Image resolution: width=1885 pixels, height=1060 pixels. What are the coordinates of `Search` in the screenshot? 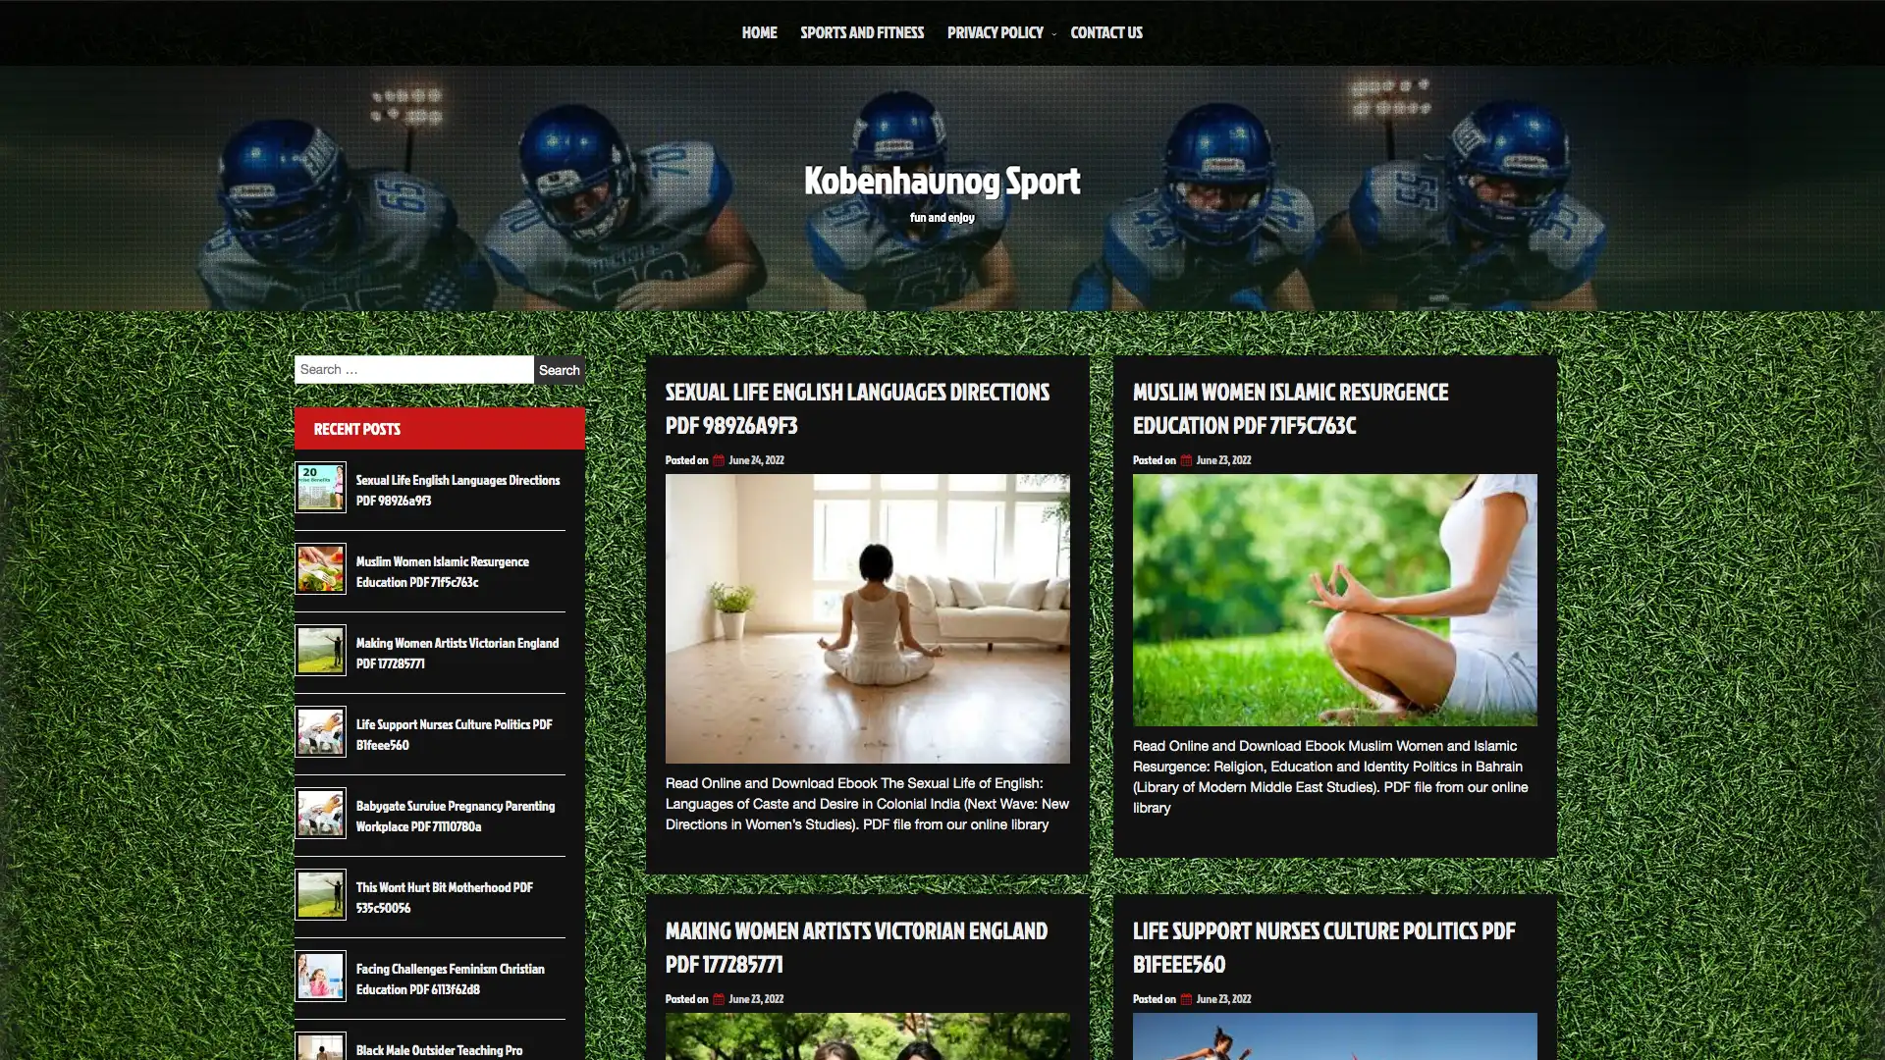 It's located at (559, 370).